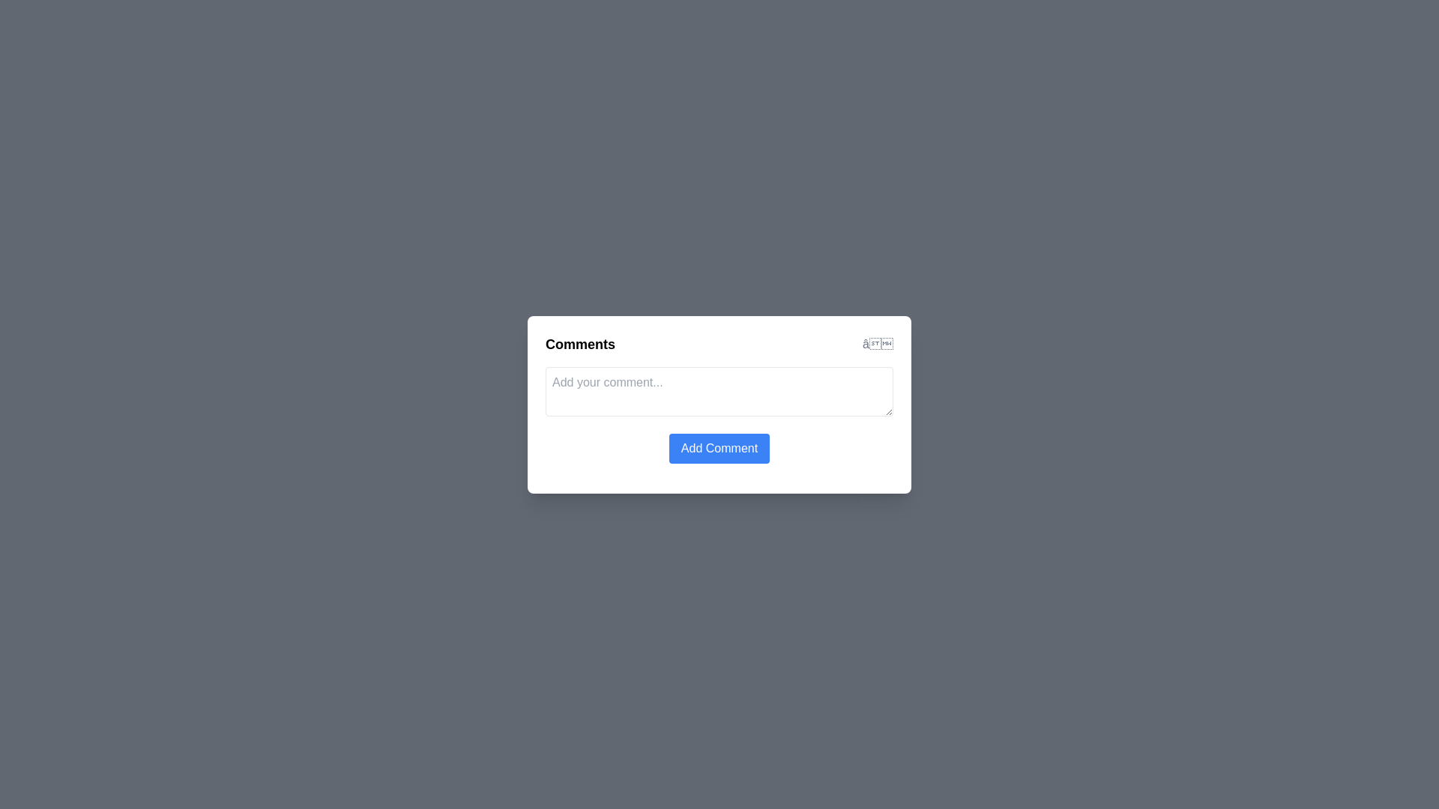 This screenshot has height=809, width=1439. Describe the element at coordinates (719, 390) in the screenshot. I see `the text area to focus it for typing` at that location.